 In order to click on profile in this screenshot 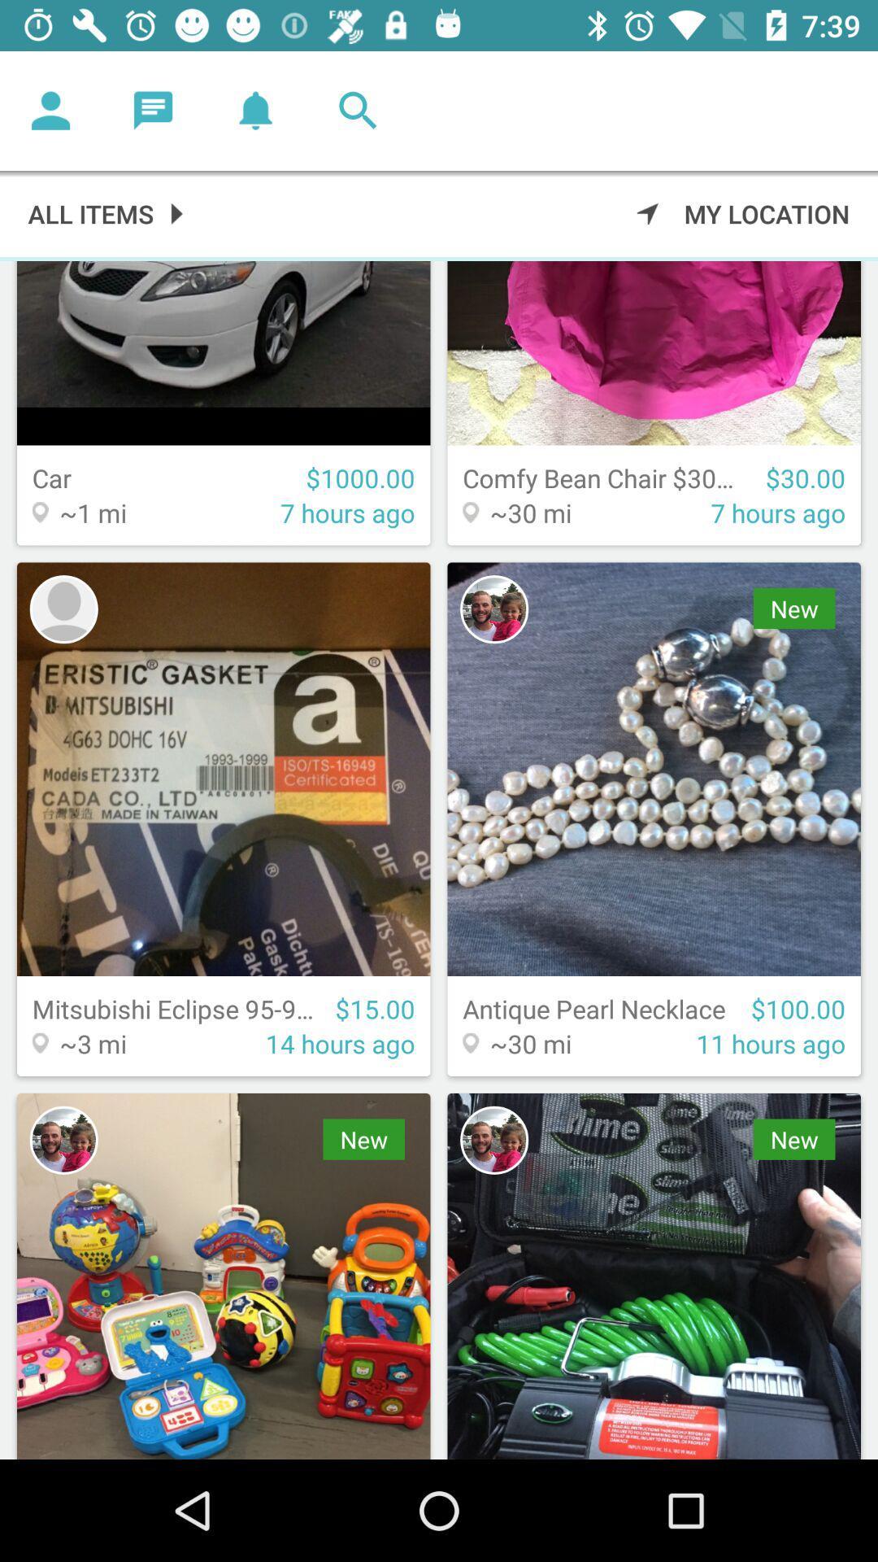, I will do `click(50, 110)`.